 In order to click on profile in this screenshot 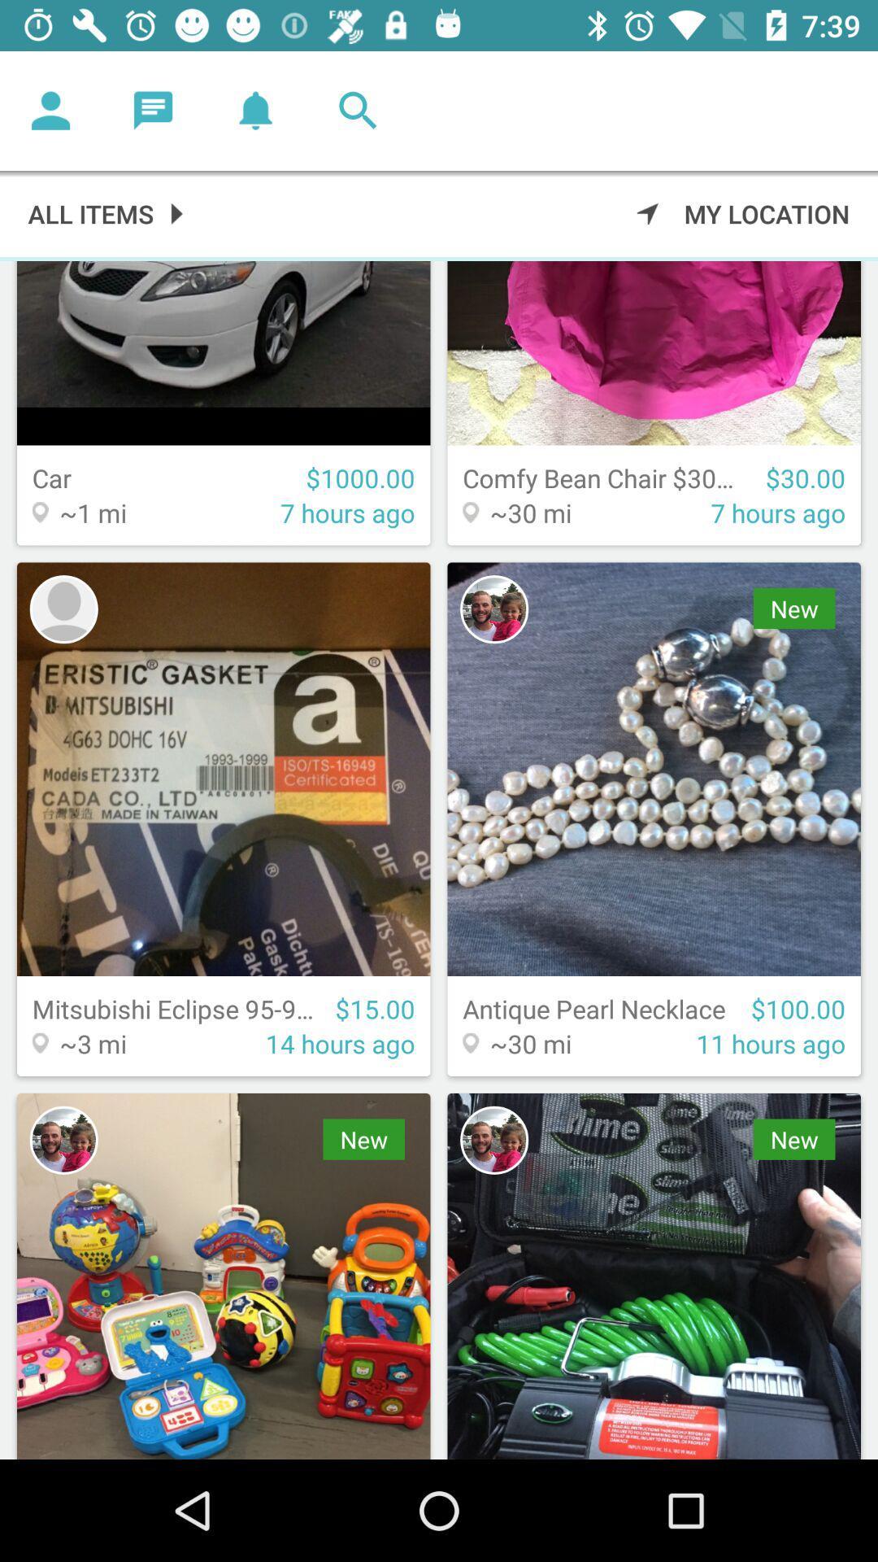, I will do `click(50, 110)`.